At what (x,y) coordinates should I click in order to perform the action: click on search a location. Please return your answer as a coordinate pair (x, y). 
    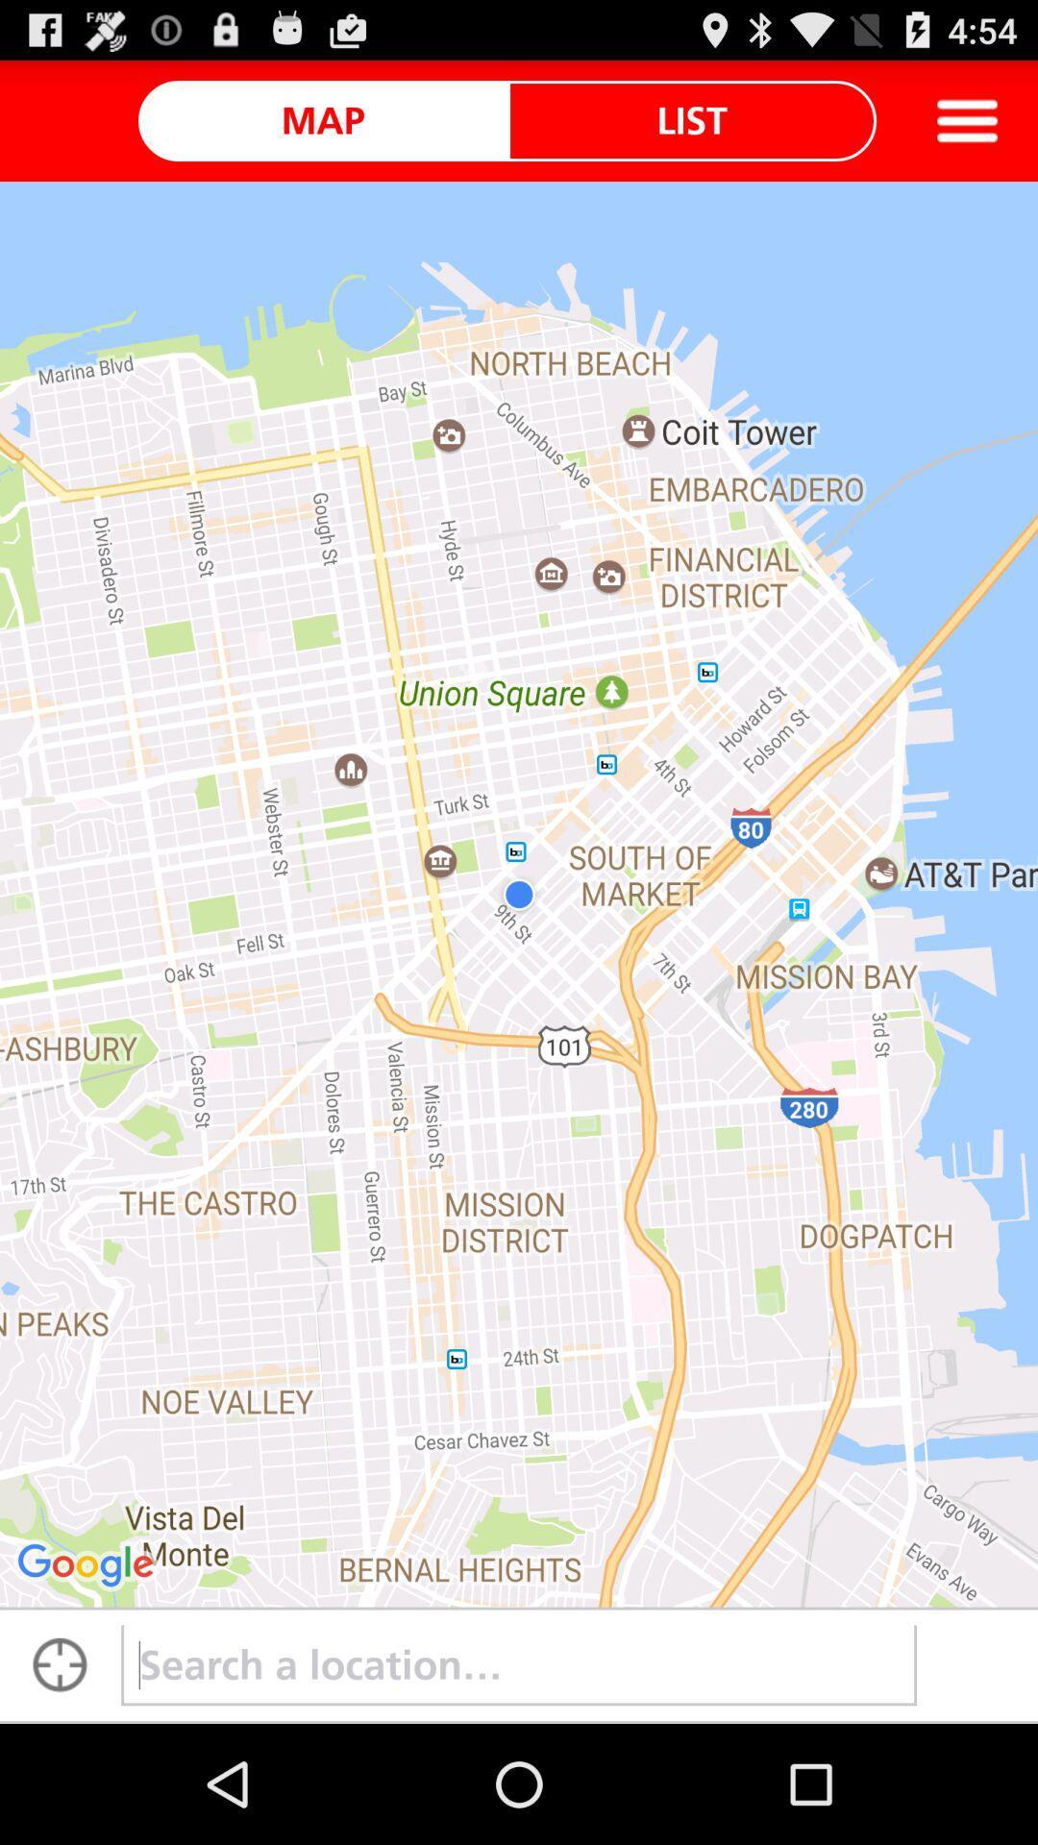
    Looking at the image, I should click on (59, 1664).